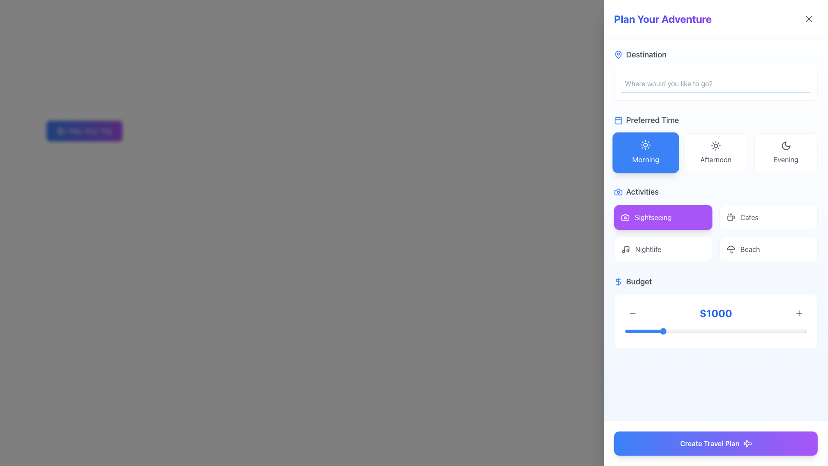  I want to click on the circular '+' button located at the far right of the 'Budget' section, so click(798, 313).